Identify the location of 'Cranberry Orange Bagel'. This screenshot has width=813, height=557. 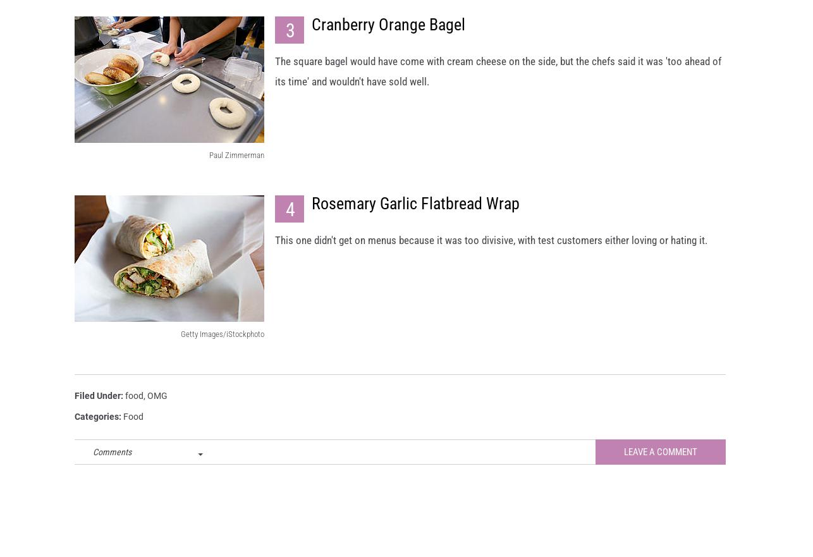
(311, 36).